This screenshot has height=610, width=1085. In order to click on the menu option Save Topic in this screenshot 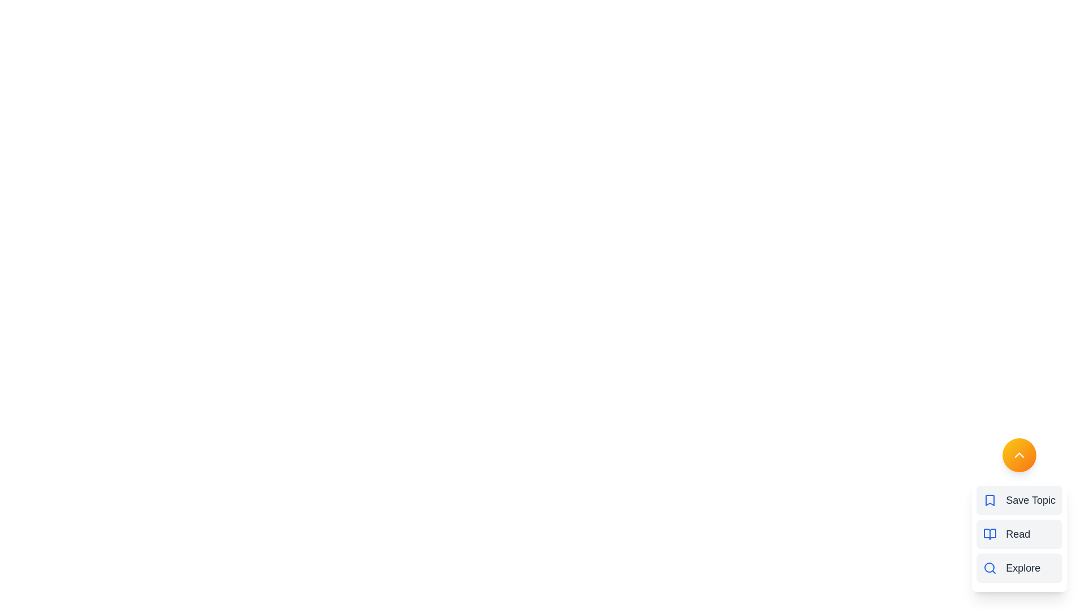, I will do `click(1019, 500)`.